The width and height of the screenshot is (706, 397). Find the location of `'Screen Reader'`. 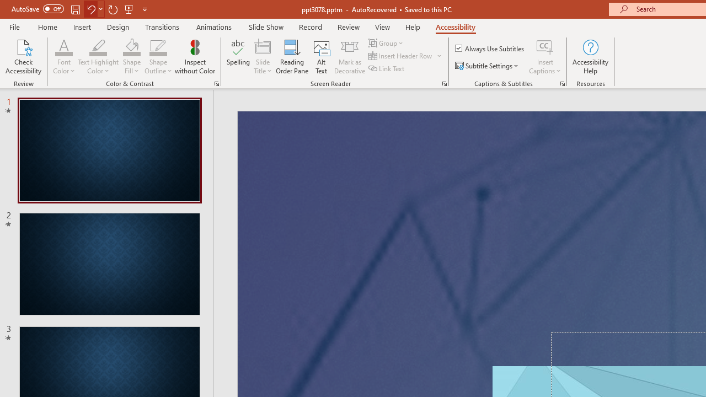

'Screen Reader' is located at coordinates (444, 83).